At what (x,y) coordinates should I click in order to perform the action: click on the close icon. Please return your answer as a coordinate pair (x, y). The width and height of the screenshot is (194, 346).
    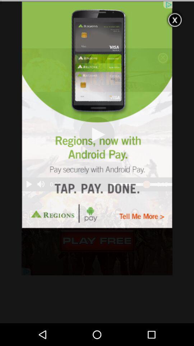
    Looking at the image, I should click on (175, 18).